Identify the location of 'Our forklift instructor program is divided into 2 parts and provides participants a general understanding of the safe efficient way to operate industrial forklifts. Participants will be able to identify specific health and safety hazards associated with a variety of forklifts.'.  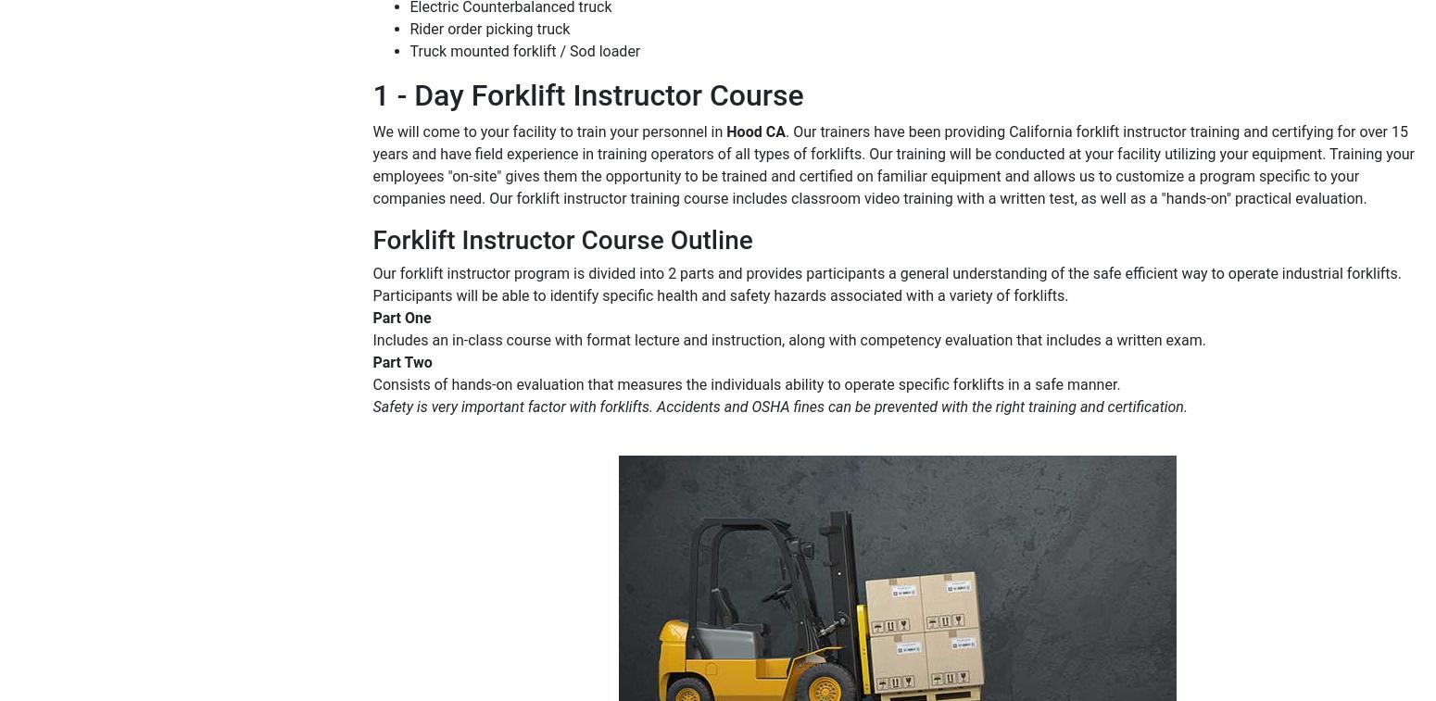
(886, 283).